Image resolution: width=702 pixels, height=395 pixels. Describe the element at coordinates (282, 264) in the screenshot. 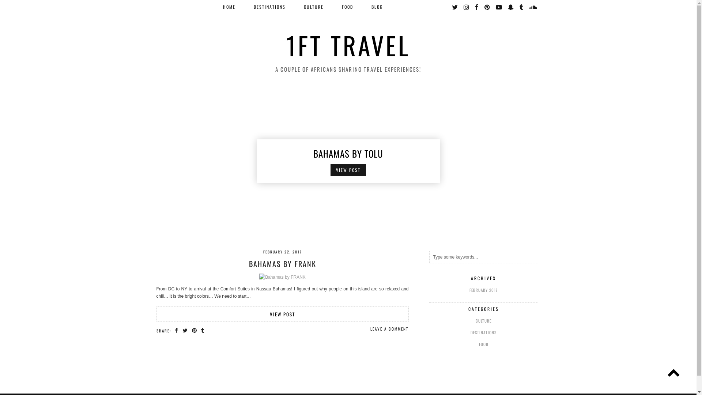

I see `'BAHAMAS BY FRANK'` at that location.